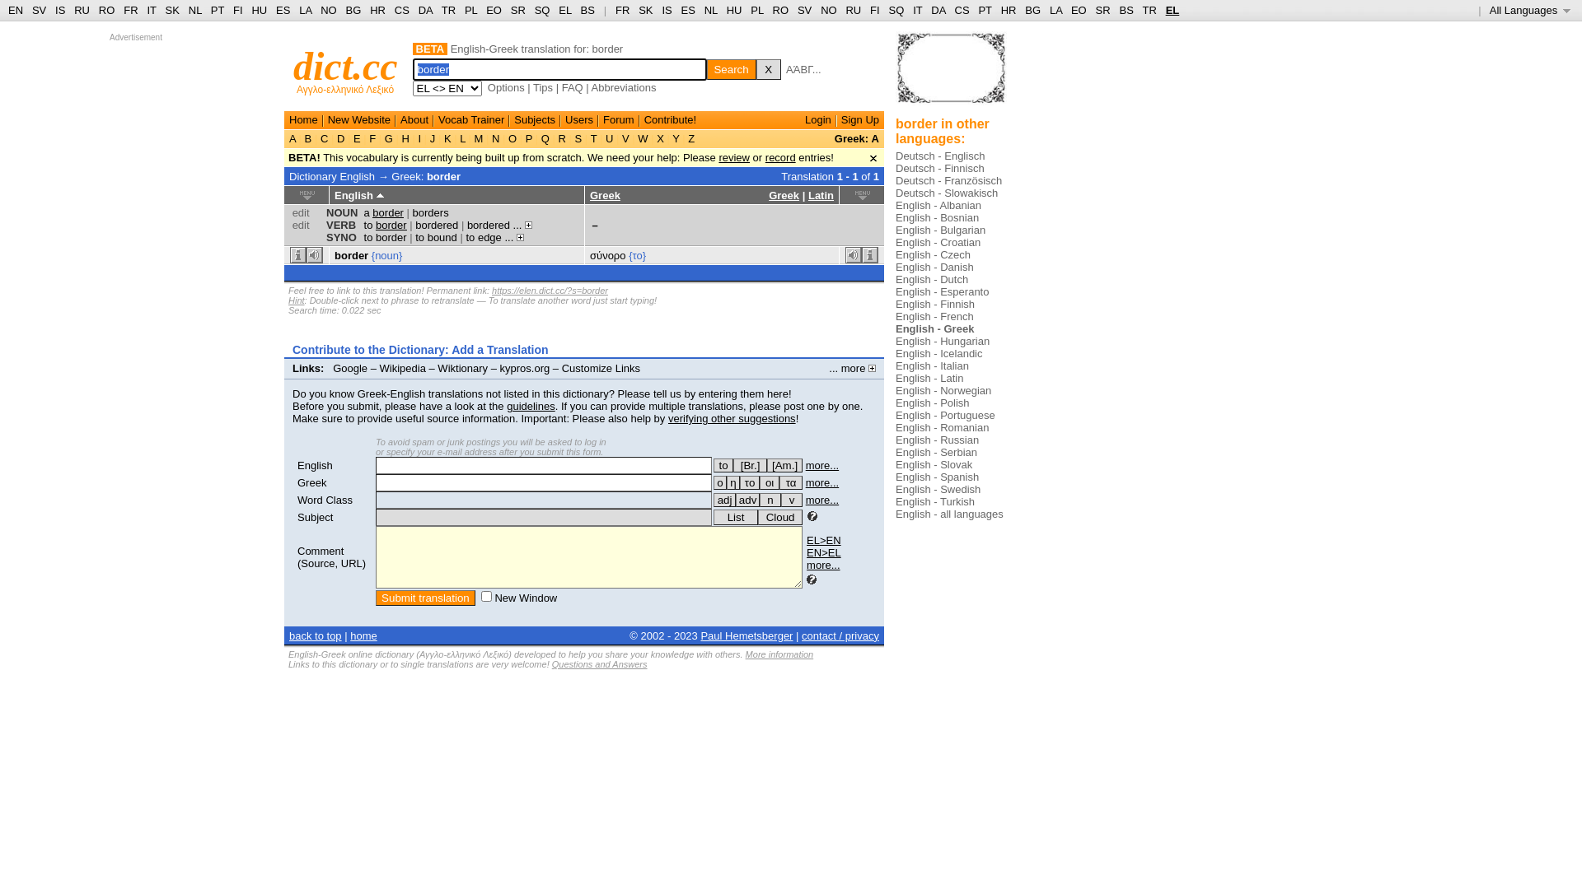 The height and width of the screenshot is (889, 1582). What do you see at coordinates (432, 137) in the screenshot?
I see `'J'` at bounding box center [432, 137].